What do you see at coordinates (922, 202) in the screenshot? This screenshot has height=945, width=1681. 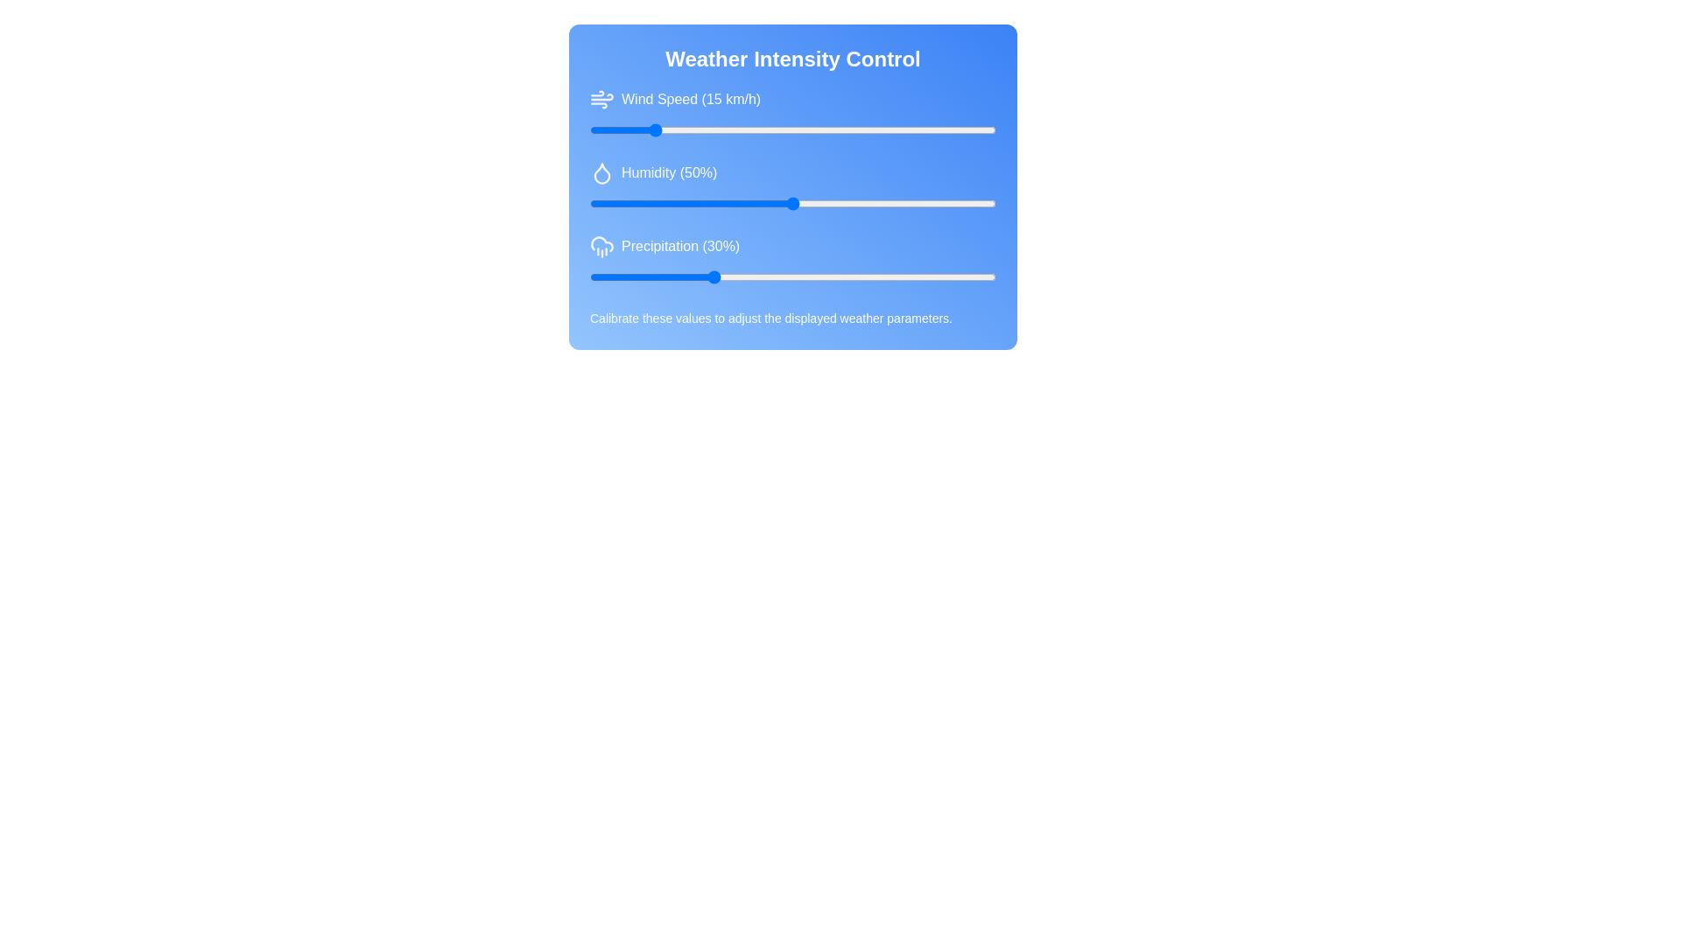 I see `the humidity` at bounding box center [922, 202].